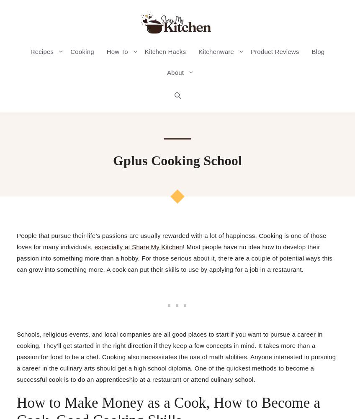 The width and height of the screenshot is (355, 419). What do you see at coordinates (198, 51) in the screenshot?
I see `'Kitchenware'` at bounding box center [198, 51].